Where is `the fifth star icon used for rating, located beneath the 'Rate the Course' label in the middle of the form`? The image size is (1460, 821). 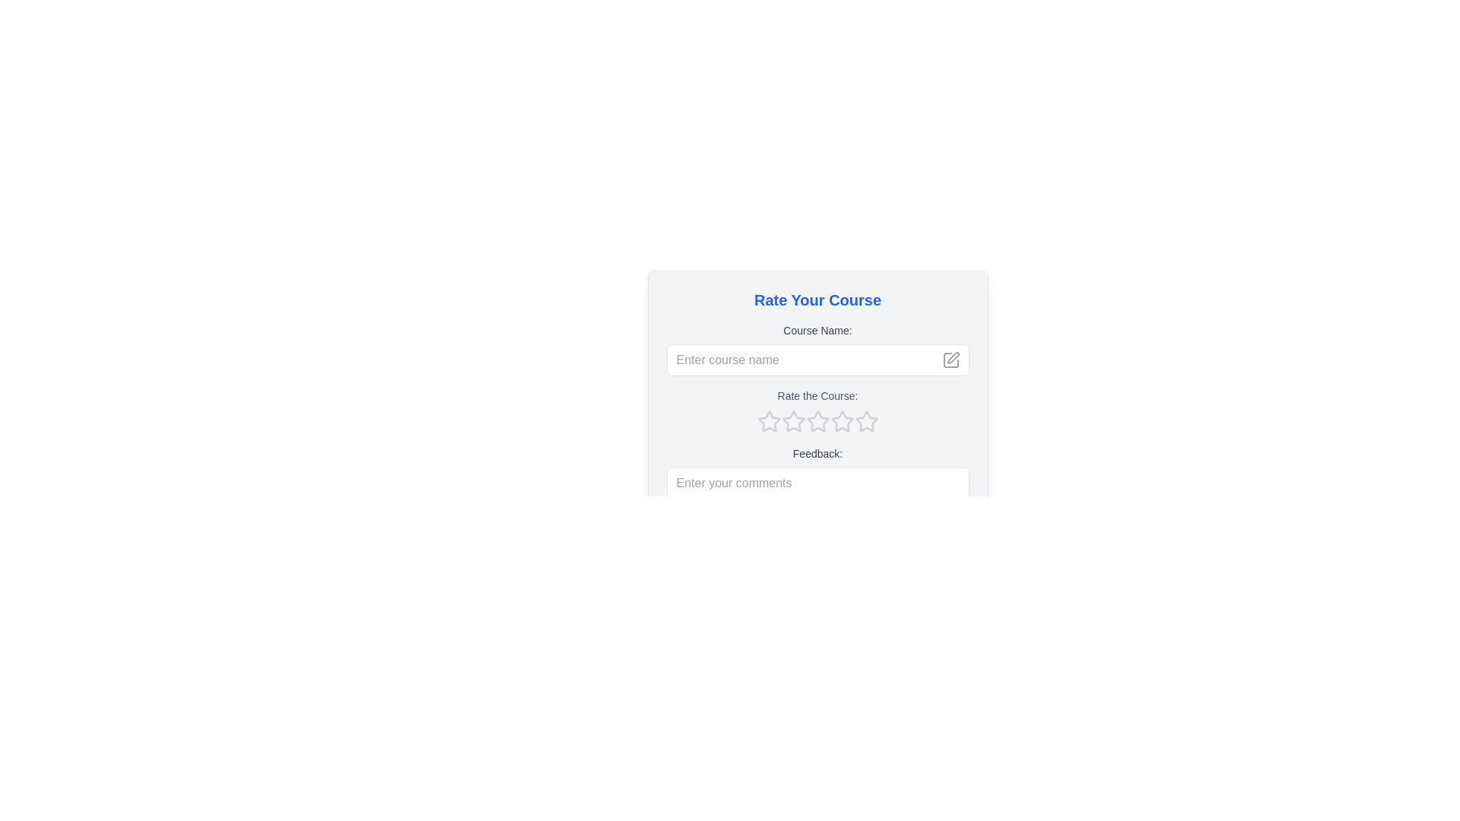
the fifth star icon used for rating, located beneath the 'Rate the Course' label in the middle of the form is located at coordinates (866, 422).